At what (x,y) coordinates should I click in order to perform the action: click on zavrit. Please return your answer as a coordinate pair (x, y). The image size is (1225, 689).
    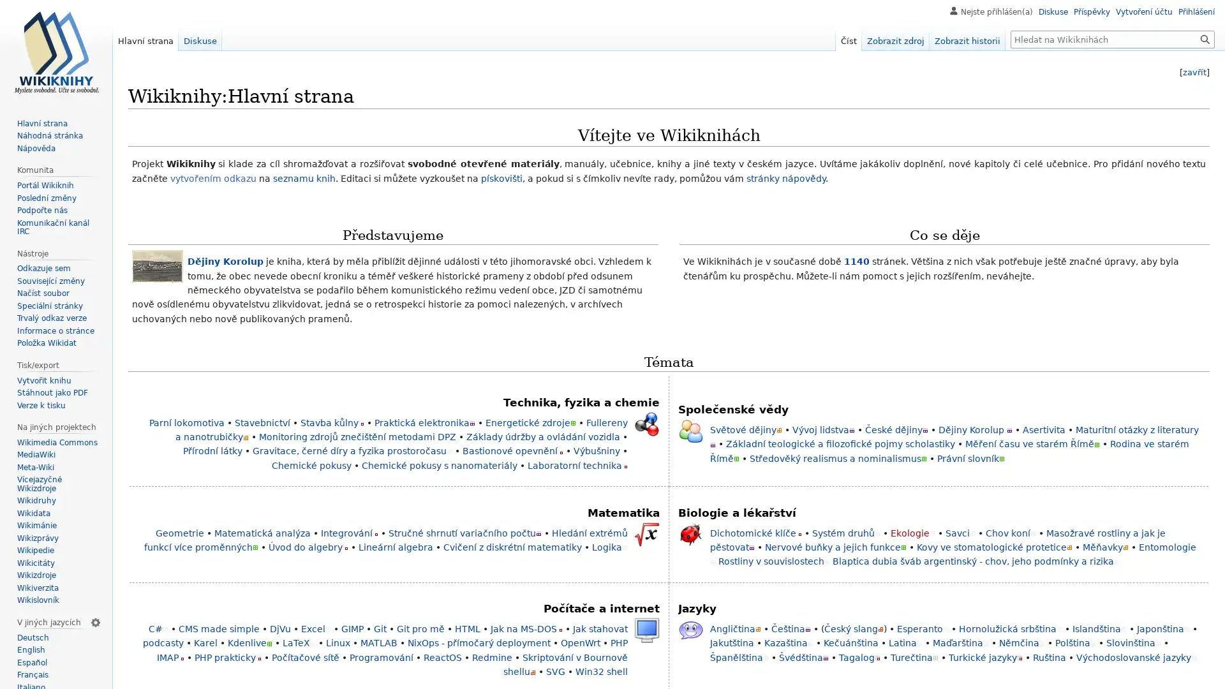
    Looking at the image, I should click on (1194, 72).